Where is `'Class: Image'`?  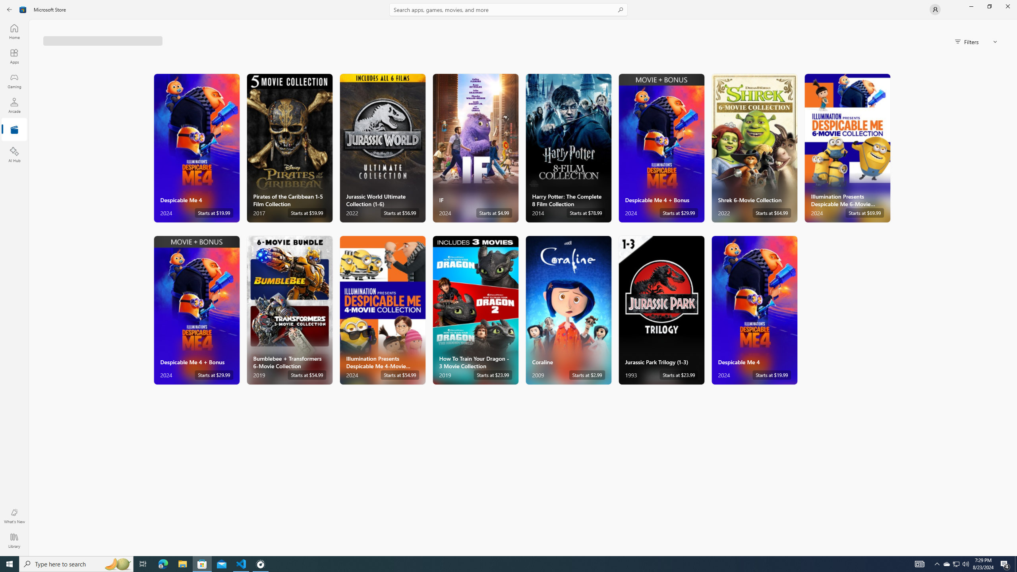
'Class: Image' is located at coordinates (23, 9).